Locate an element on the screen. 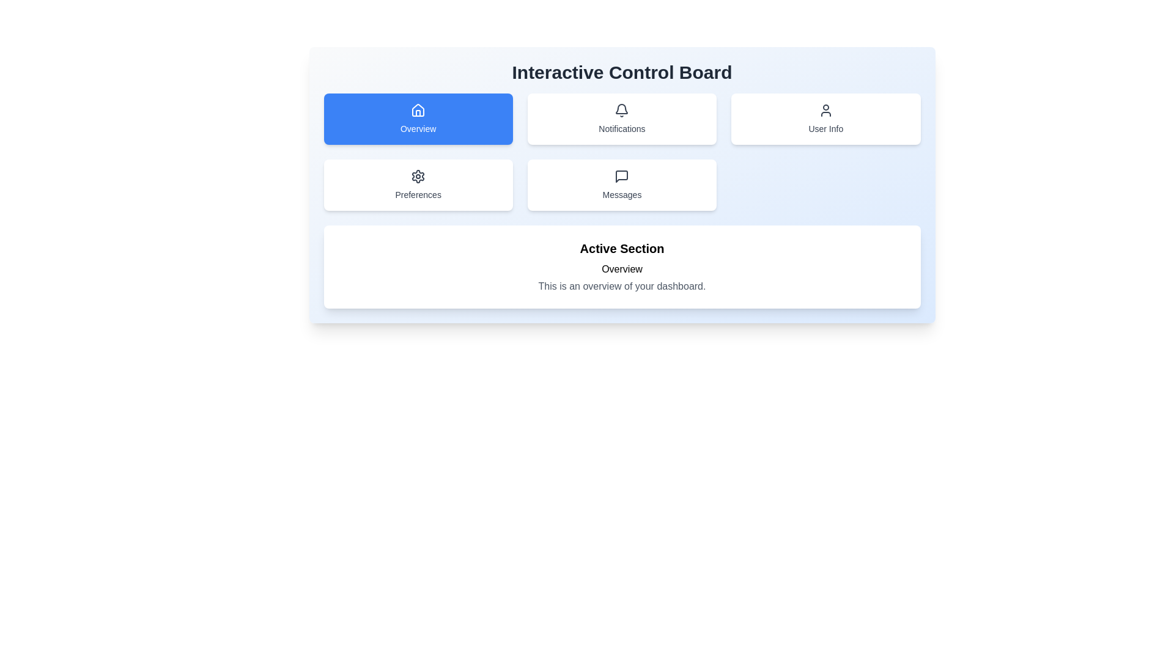  the 'Overview' icon located within the blue-highlighted tile on the control board, which visually represents the 'Overview' section is located at coordinates (418, 110).